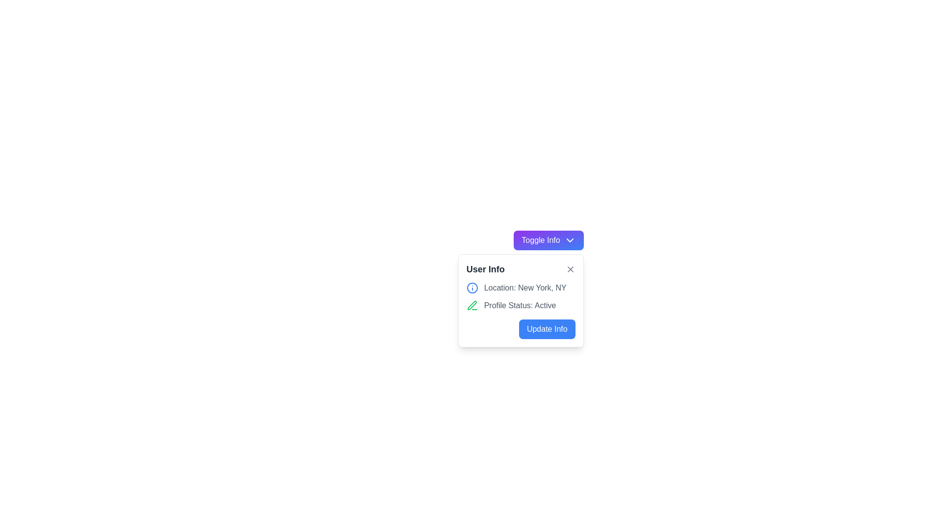 This screenshot has height=530, width=942. Describe the element at coordinates (520, 329) in the screenshot. I see `the blue 'Update Info' button located at the bottom-right of the 'User Info' card` at that location.